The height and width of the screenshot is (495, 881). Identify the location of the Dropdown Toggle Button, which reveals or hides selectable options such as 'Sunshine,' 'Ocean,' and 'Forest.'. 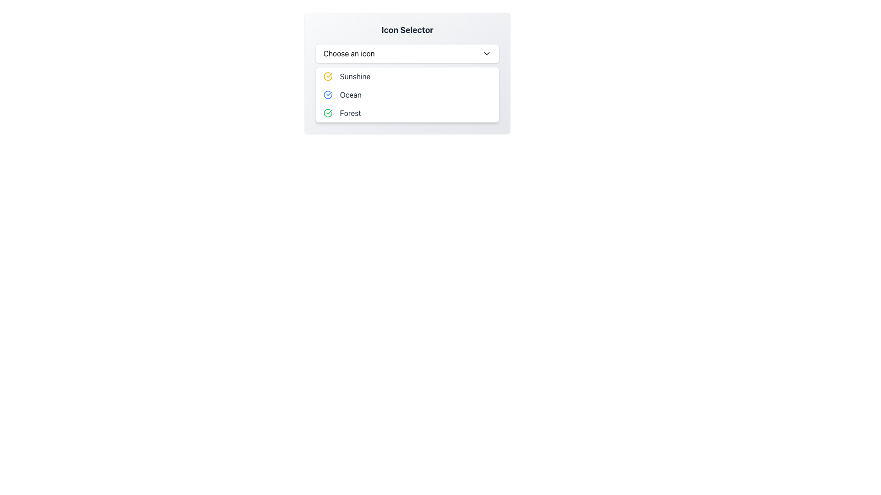
(407, 53).